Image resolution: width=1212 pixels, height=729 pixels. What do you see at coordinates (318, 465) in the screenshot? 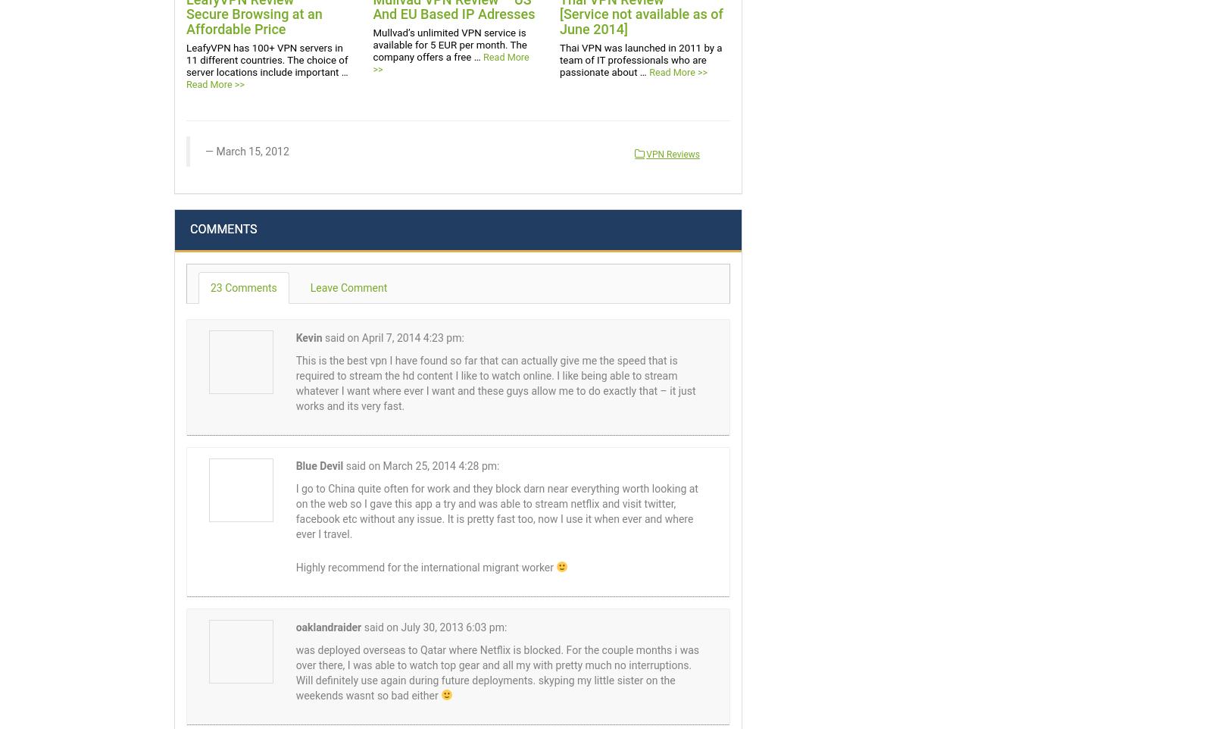
I see `'Blue Devil'` at bounding box center [318, 465].